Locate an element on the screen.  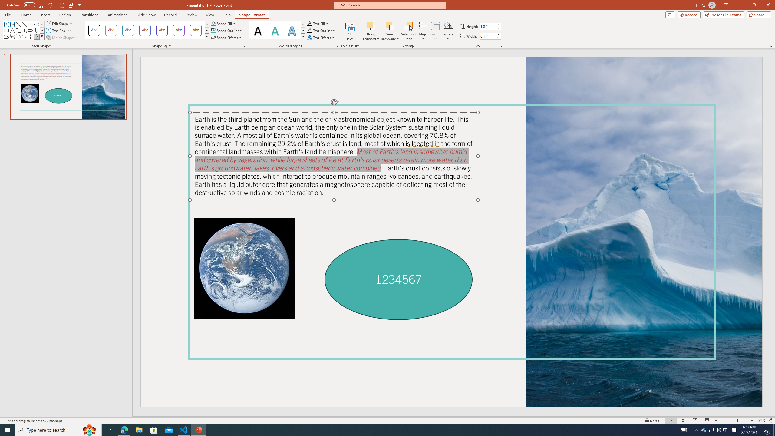
'Notes ' is located at coordinates (652, 421).